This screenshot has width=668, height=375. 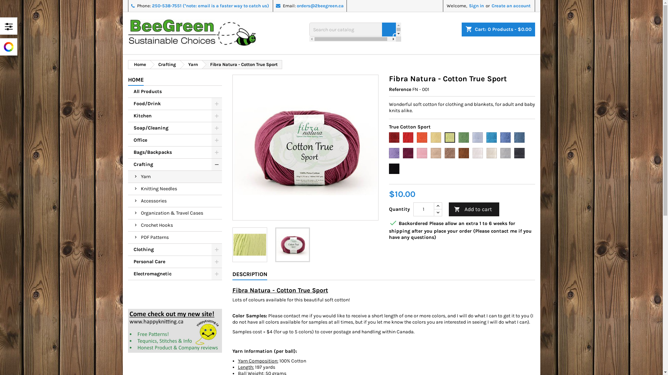 What do you see at coordinates (319, 6) in the screenshot?
I see `'orders@2beegreen.ca'` at bounding box center [319, 6].